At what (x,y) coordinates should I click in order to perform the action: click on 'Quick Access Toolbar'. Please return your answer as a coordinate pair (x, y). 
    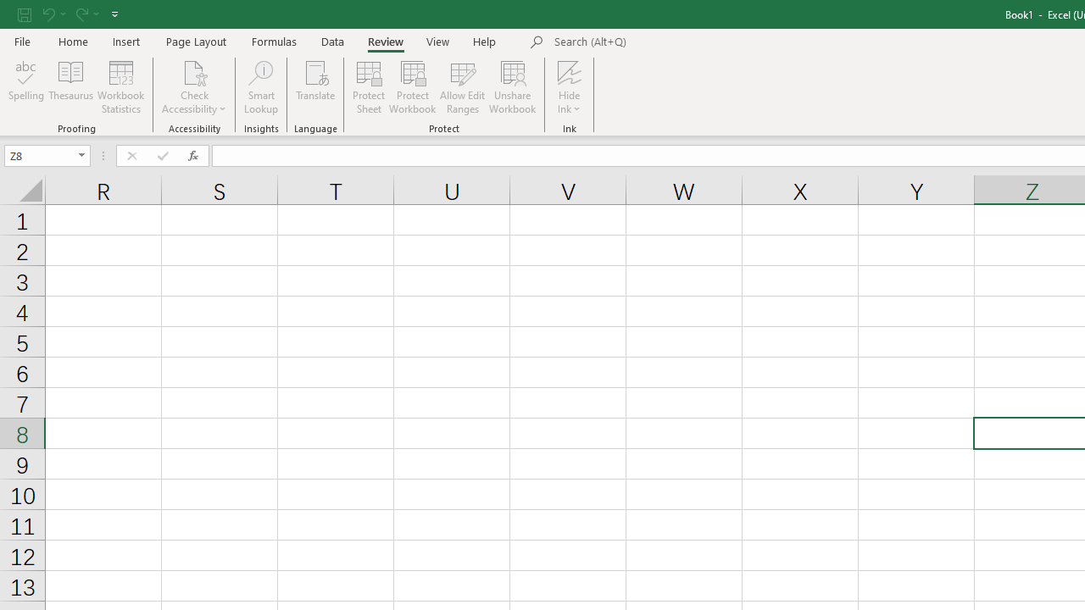
    Looking at the image, I should click on (69, 14).